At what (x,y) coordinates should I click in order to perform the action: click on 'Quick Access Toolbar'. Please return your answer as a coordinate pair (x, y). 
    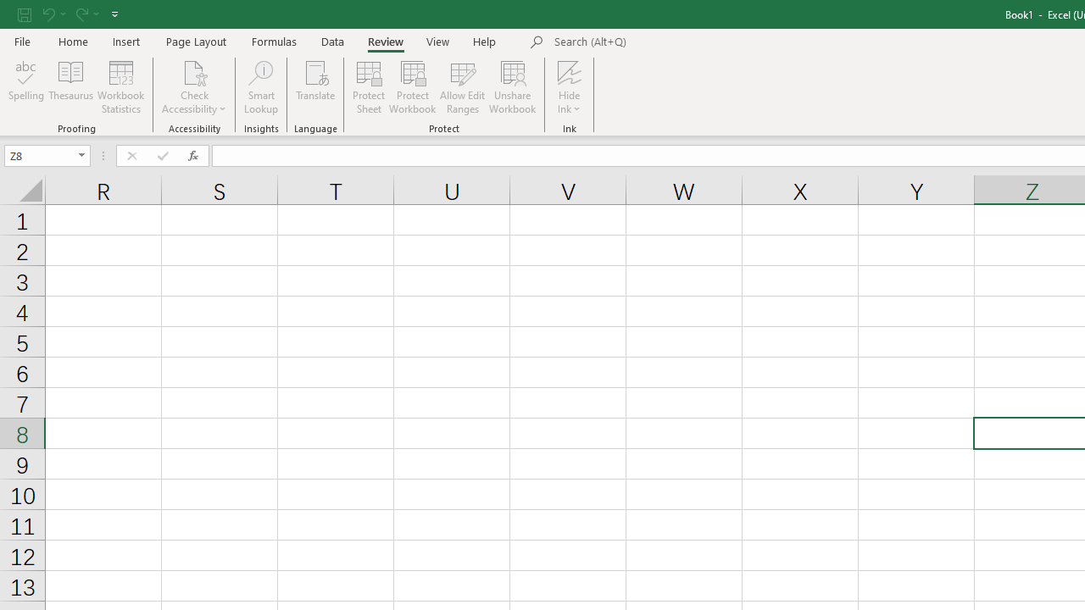
    Looking at the image, I should click on (69, 14).